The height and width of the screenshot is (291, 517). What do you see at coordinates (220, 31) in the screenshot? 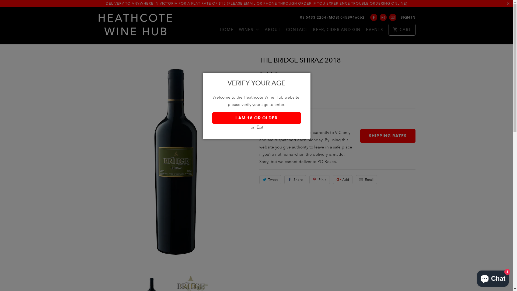
I see `'HOME'` at bounding box center [220, 31].